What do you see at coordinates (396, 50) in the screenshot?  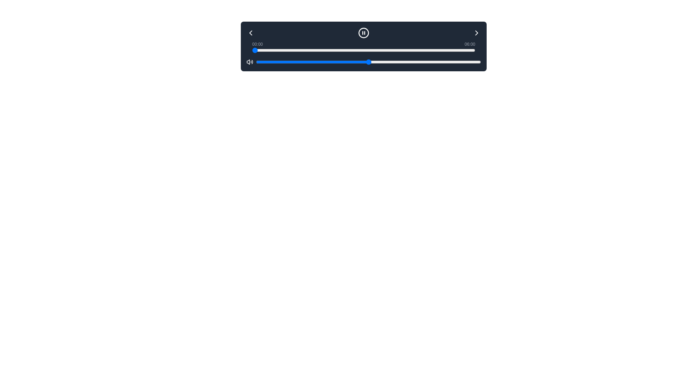 I see `the playback time` at bounding box center [396, 50].